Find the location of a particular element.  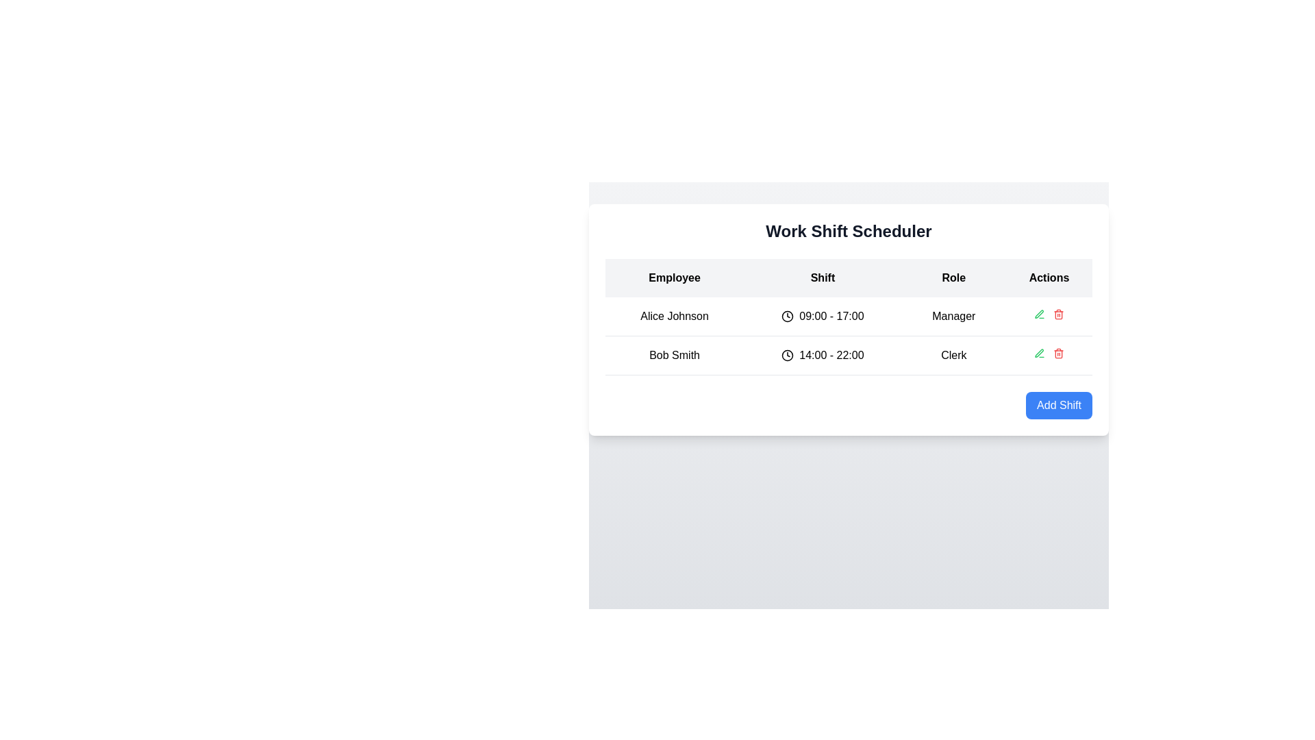

the static text displaying 'Manager' in the 'Role' column for 'Alice Johnson' within the tabular interface is located at coordinates (953, 317).